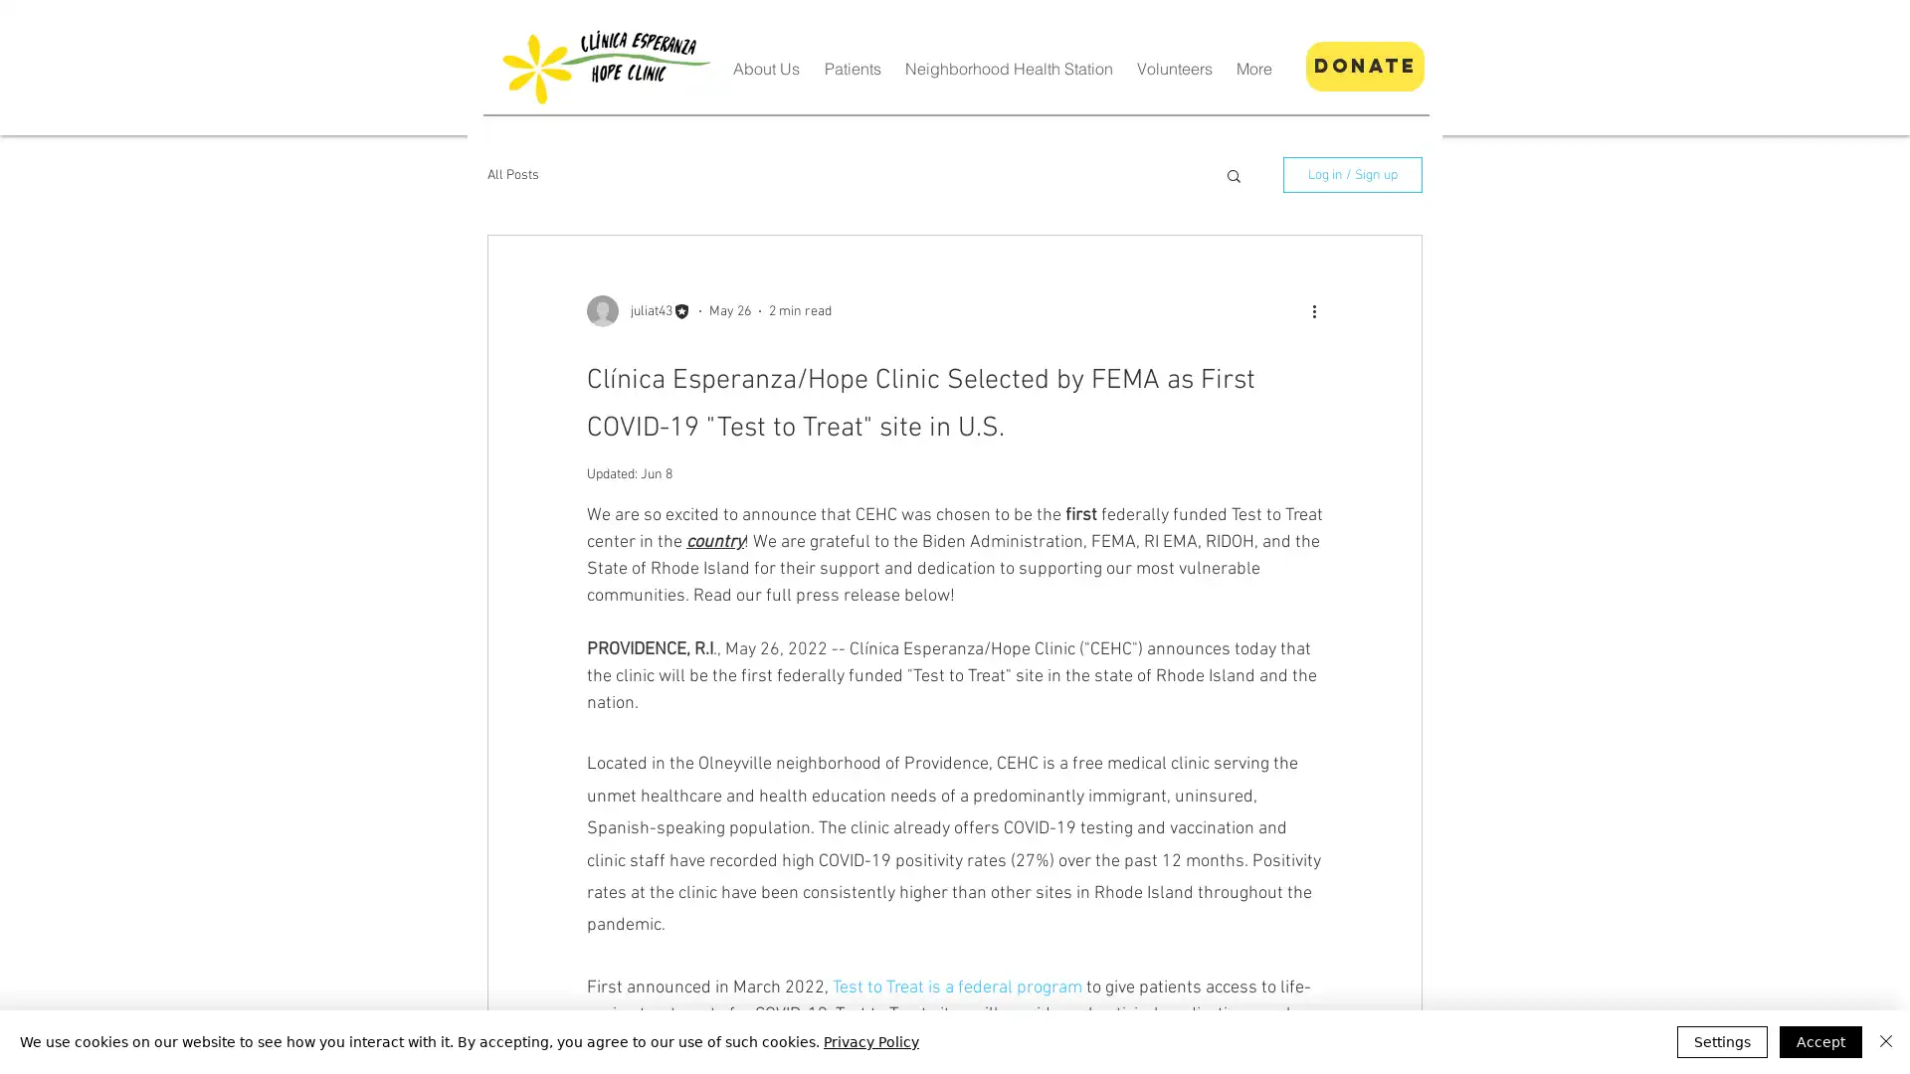  I want to click on All Posts, so click(512, 173).